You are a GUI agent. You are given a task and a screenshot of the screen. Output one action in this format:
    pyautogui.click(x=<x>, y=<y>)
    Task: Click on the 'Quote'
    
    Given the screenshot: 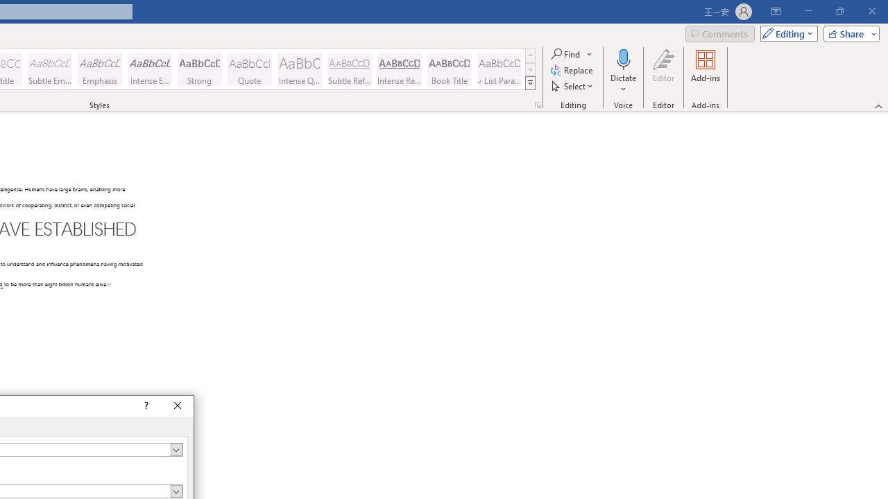 What is the action you would take?
    pyautogui.click(x=249, y=69)
    